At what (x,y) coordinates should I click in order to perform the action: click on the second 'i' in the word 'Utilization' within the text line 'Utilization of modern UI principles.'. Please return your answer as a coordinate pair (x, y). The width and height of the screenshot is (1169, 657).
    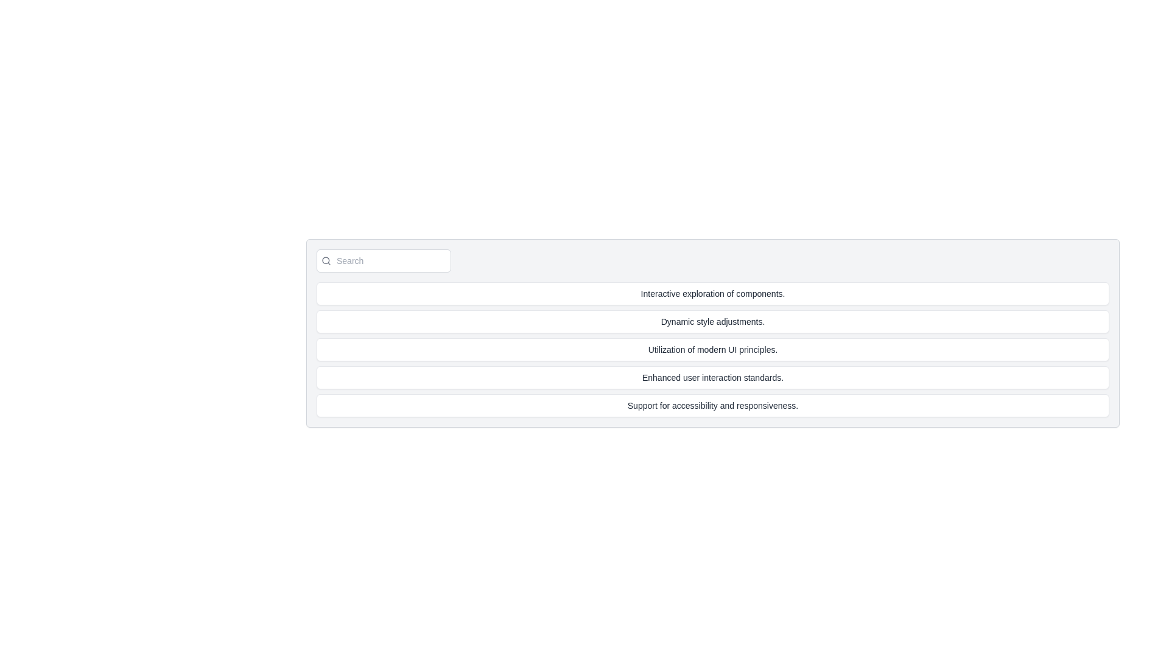
    Looking at the image, I should click on (661, 349).